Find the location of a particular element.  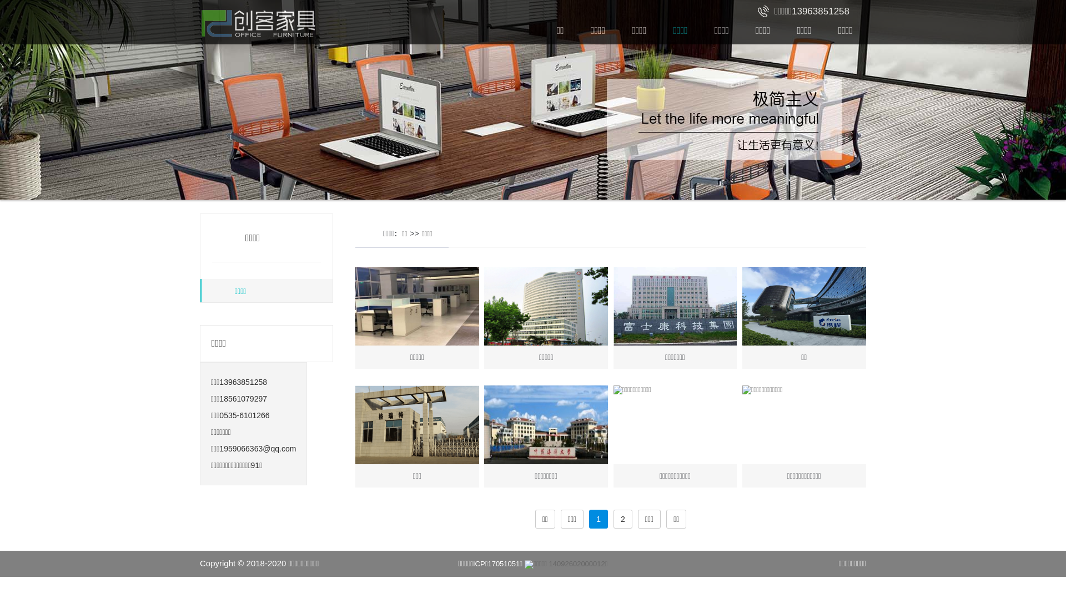

'2' is located at coordinates (612, 519).